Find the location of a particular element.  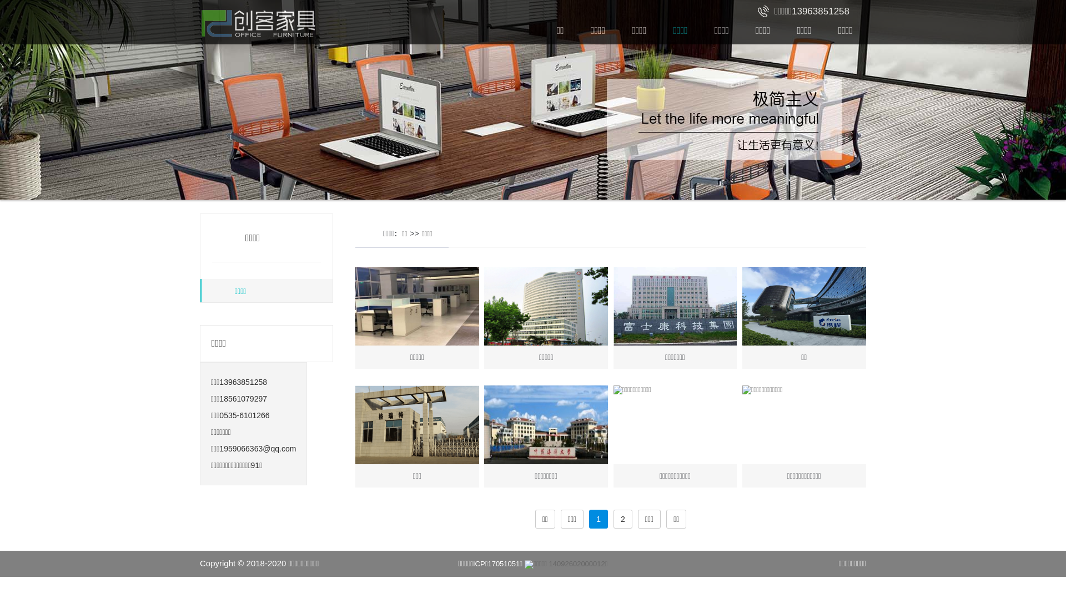

'2' is located at coordinates (612, 519).